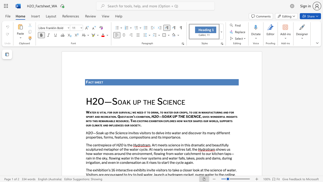  Describe the element at coordinates (144, 137) in the screenshot. I see `the subset text "ions" within the text "compositions"` at that location.